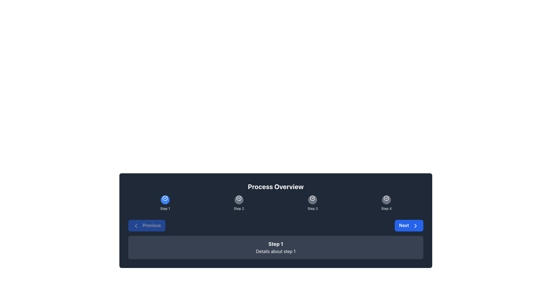 This screenshot has width=533, height=299. I want to click on text label that reads 'Step 4', which is styled with a small font size and located under the fourth circular icon in the step navigation interface, so click(386, 208).